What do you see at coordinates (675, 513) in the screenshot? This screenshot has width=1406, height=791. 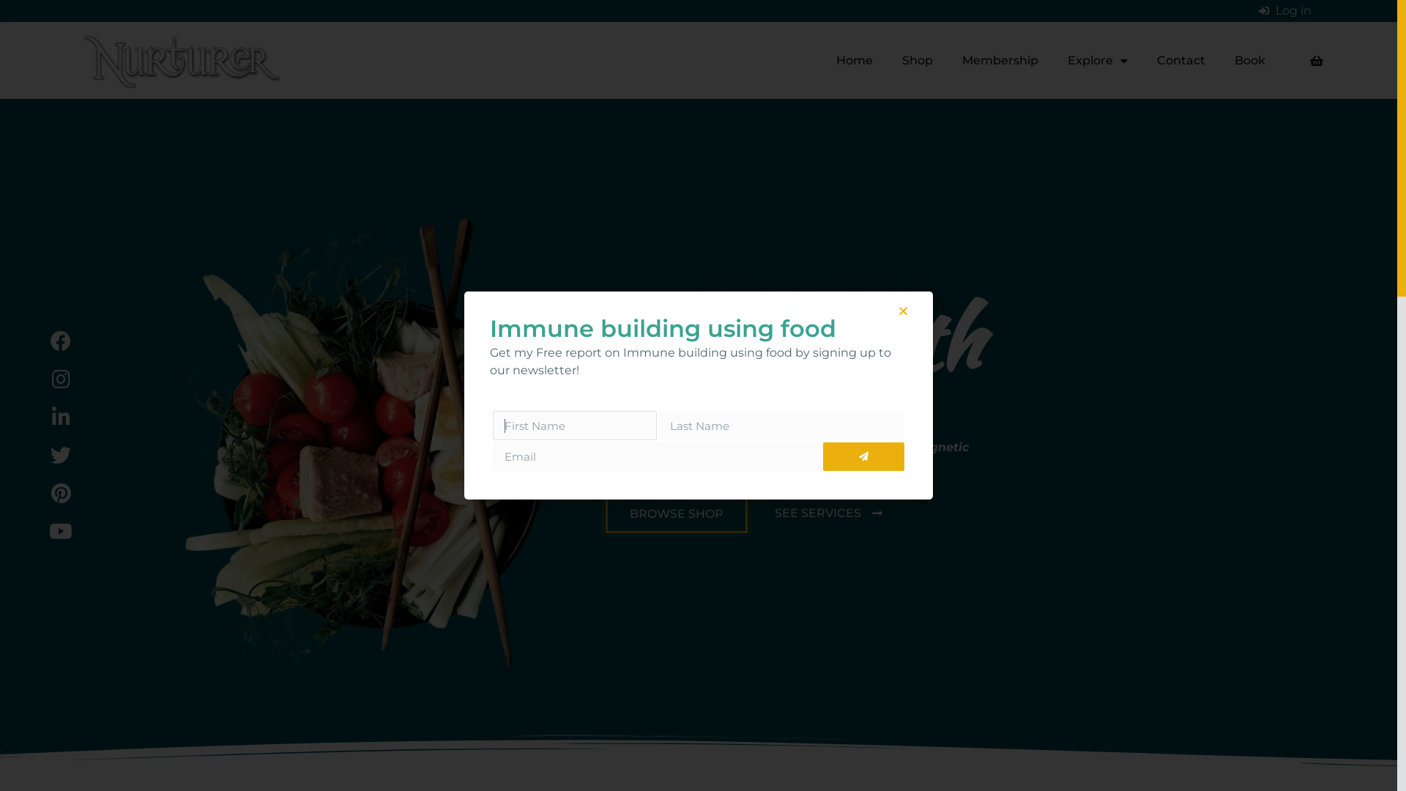 I see `'BROWSE SHOP'` at bounding box center [675, 513].